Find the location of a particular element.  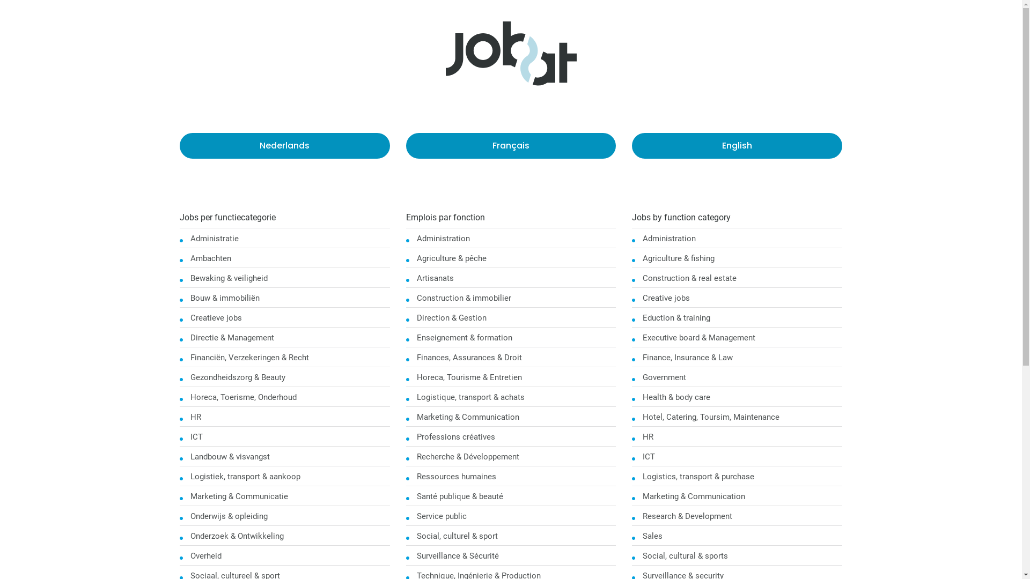

'Social, cultural & sports' is located at coordinates (685, 555).